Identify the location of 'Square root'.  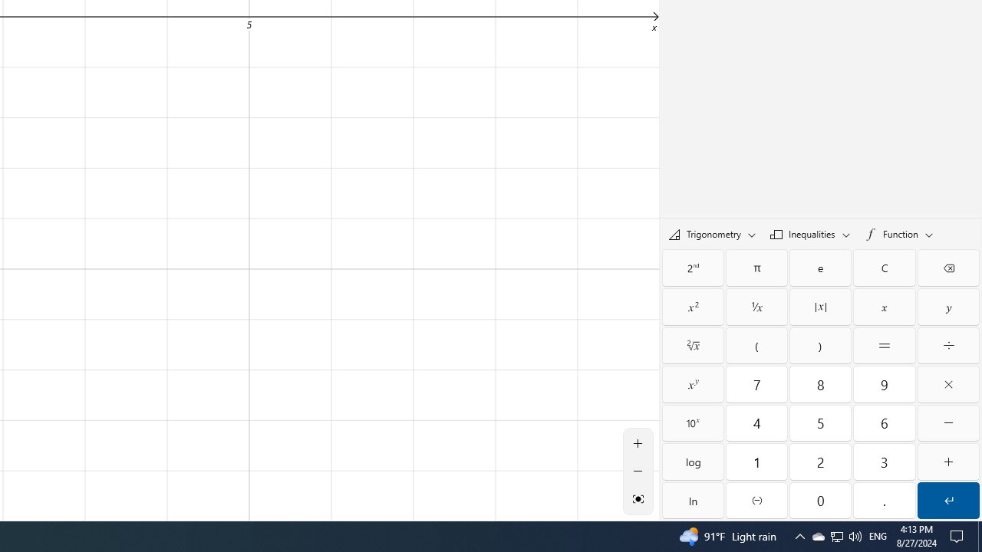
(692, 346).